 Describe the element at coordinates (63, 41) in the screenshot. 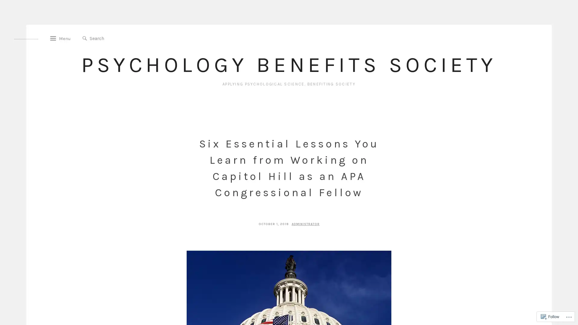

I see `Menu` at that location.